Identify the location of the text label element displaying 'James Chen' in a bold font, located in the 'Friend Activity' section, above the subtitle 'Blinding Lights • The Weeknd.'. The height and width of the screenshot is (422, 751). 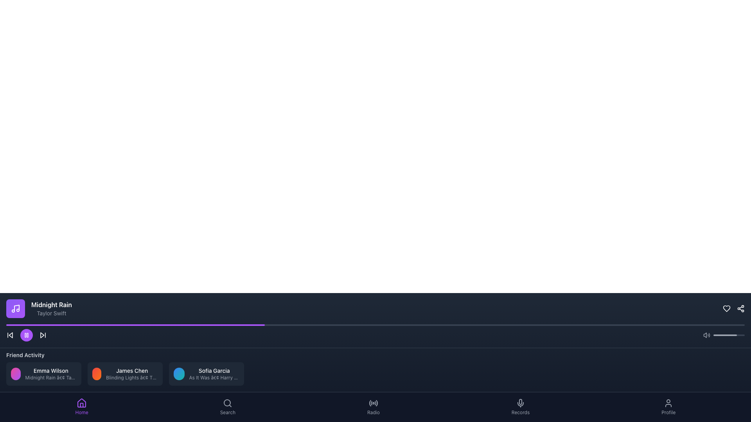
(132, 370).